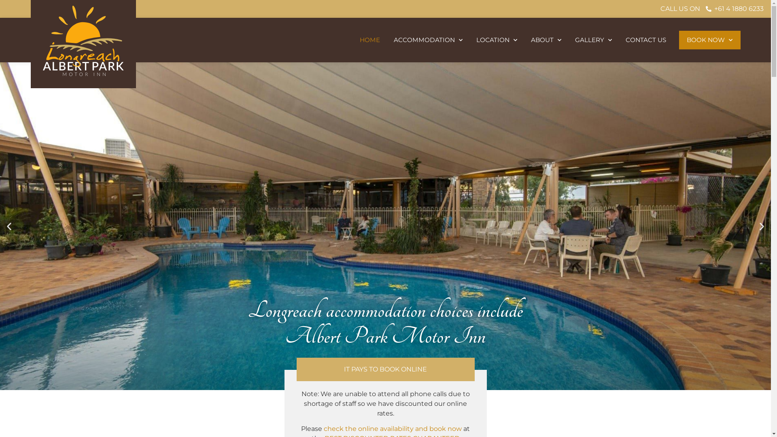  Describe the element at coordinates (496, 40) in the screenshot. I see `'LOCATION'` at that location.